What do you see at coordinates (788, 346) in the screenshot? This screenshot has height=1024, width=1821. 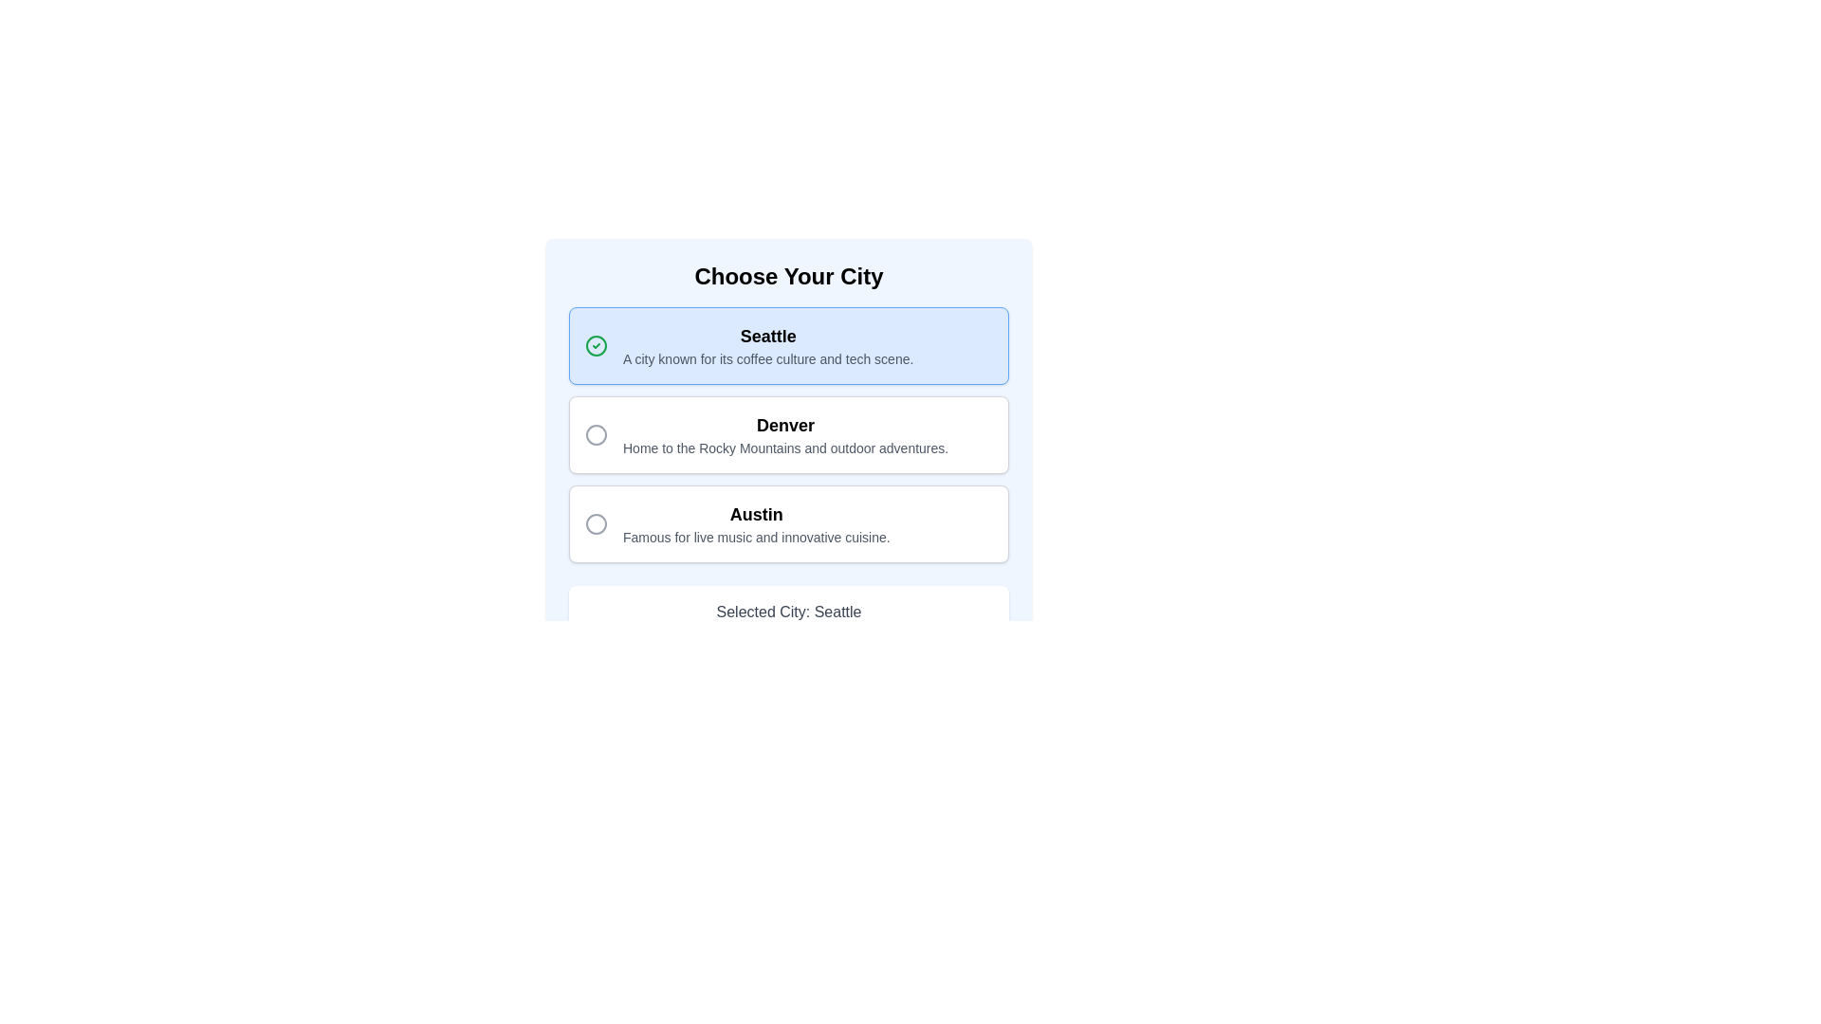 I see `the text of the first selectable option for the city 'Seattle' to copy or highlight it` at bounding box center [788, 346].